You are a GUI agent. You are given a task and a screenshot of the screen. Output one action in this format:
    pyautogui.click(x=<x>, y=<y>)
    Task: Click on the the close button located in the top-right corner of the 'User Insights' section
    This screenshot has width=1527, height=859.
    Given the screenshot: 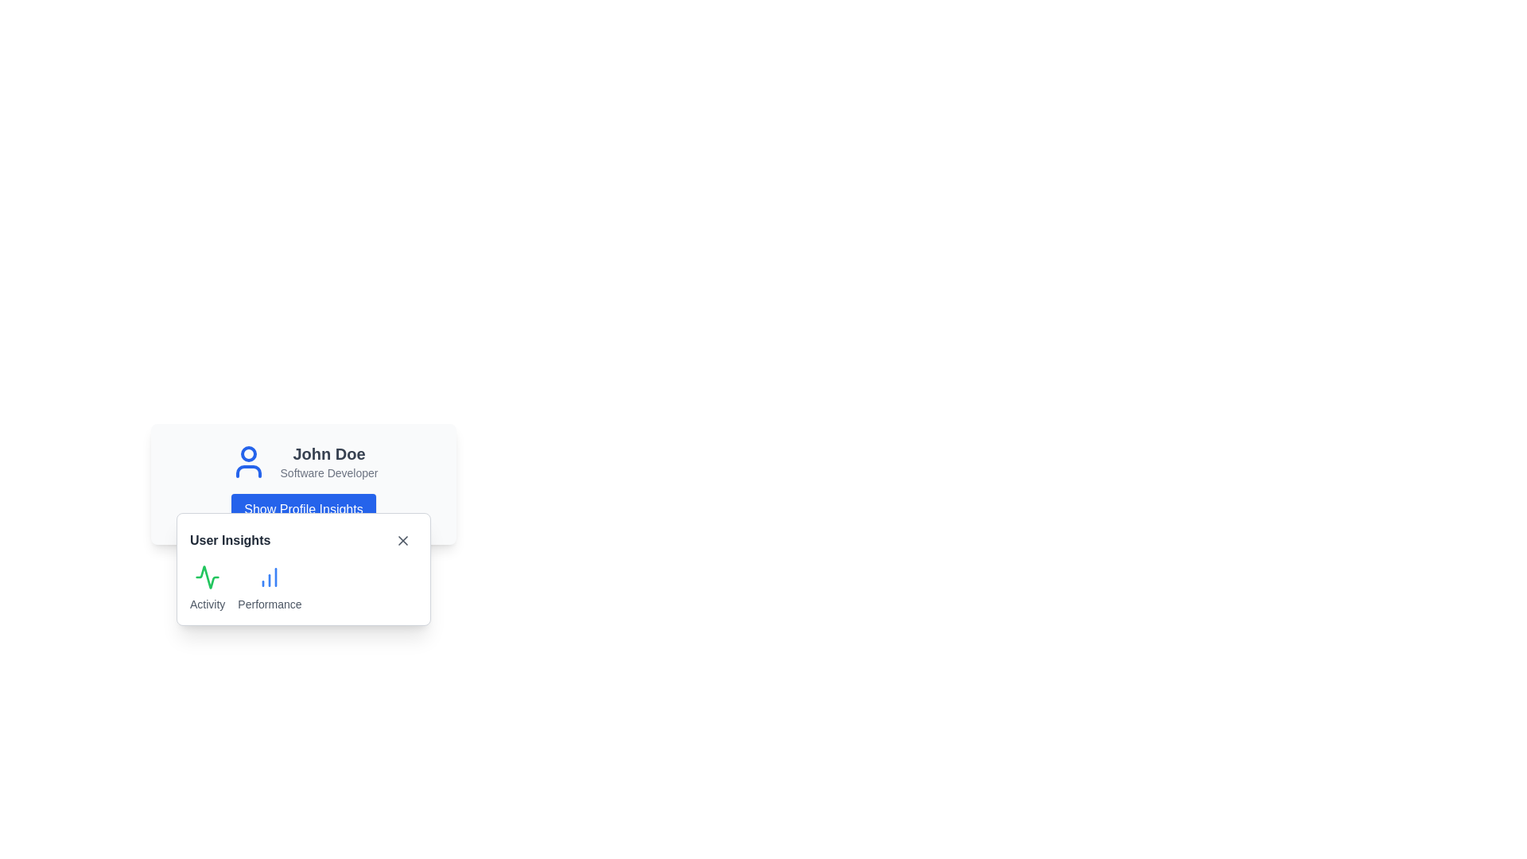 What is the action you would take?
    pyautogui.click(x=403, y=539)
    